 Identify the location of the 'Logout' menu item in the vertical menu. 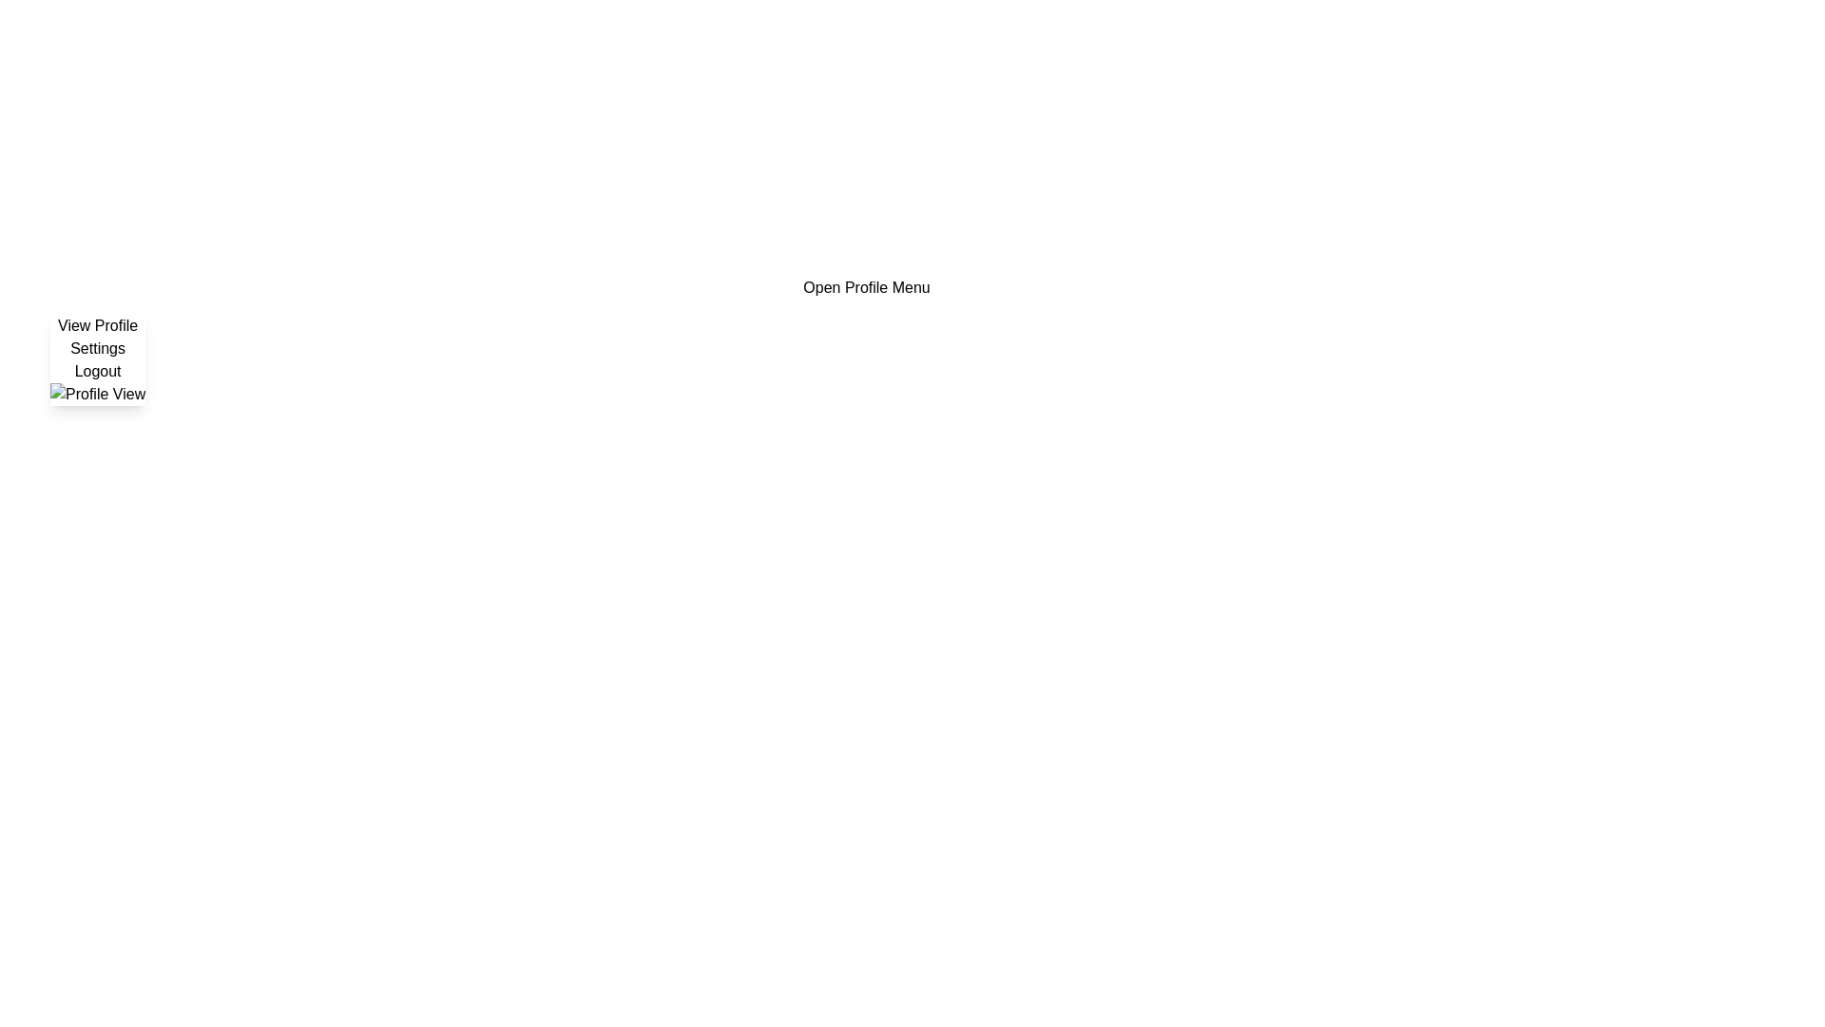
(97, 371).